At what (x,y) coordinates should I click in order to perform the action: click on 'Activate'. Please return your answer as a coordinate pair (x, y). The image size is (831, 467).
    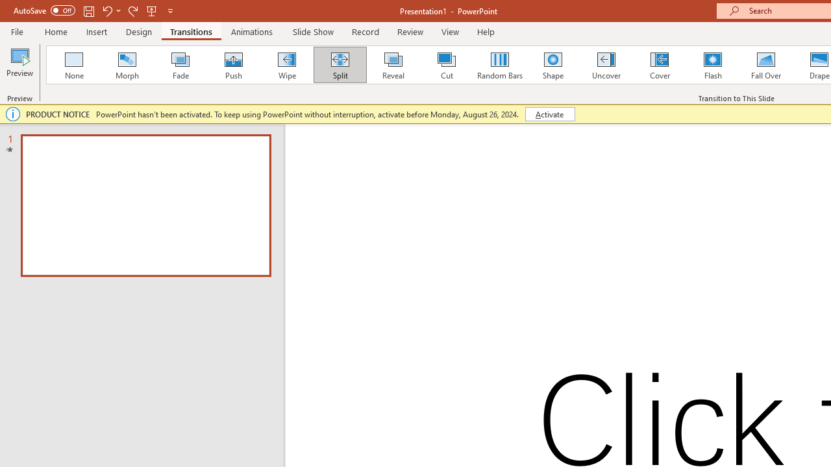
    Looking at the image, I should click on (550, 114).